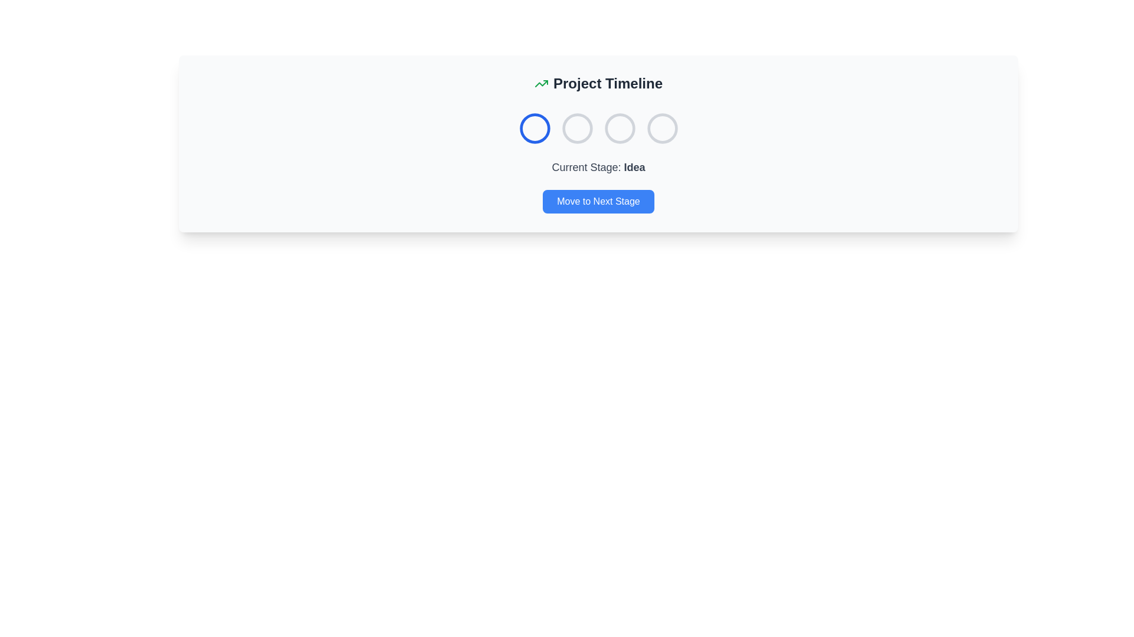 The width and height of the screenshot is (1134, 637). Describe the element at coordinates (577, 129) in the screenshot. I see `the status of the second circle icon in the Project Timeline, which indicates the second stage of the multi-step progress timeline` at that location.